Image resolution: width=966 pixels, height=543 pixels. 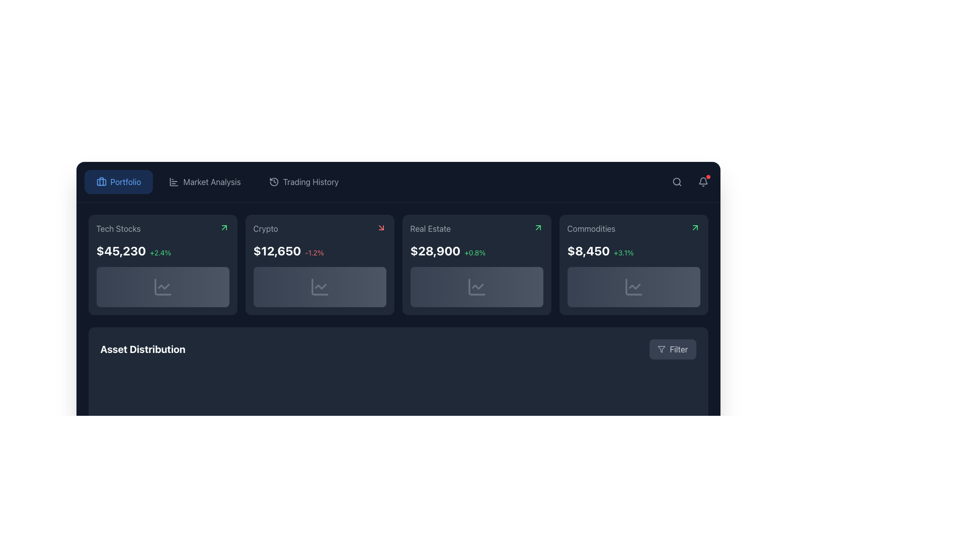 I want to click on the downward pointing arrow icon located in the top-right corner of the 'Crypto' card, which indicates a decrease in value, so click(x=380, y=227).